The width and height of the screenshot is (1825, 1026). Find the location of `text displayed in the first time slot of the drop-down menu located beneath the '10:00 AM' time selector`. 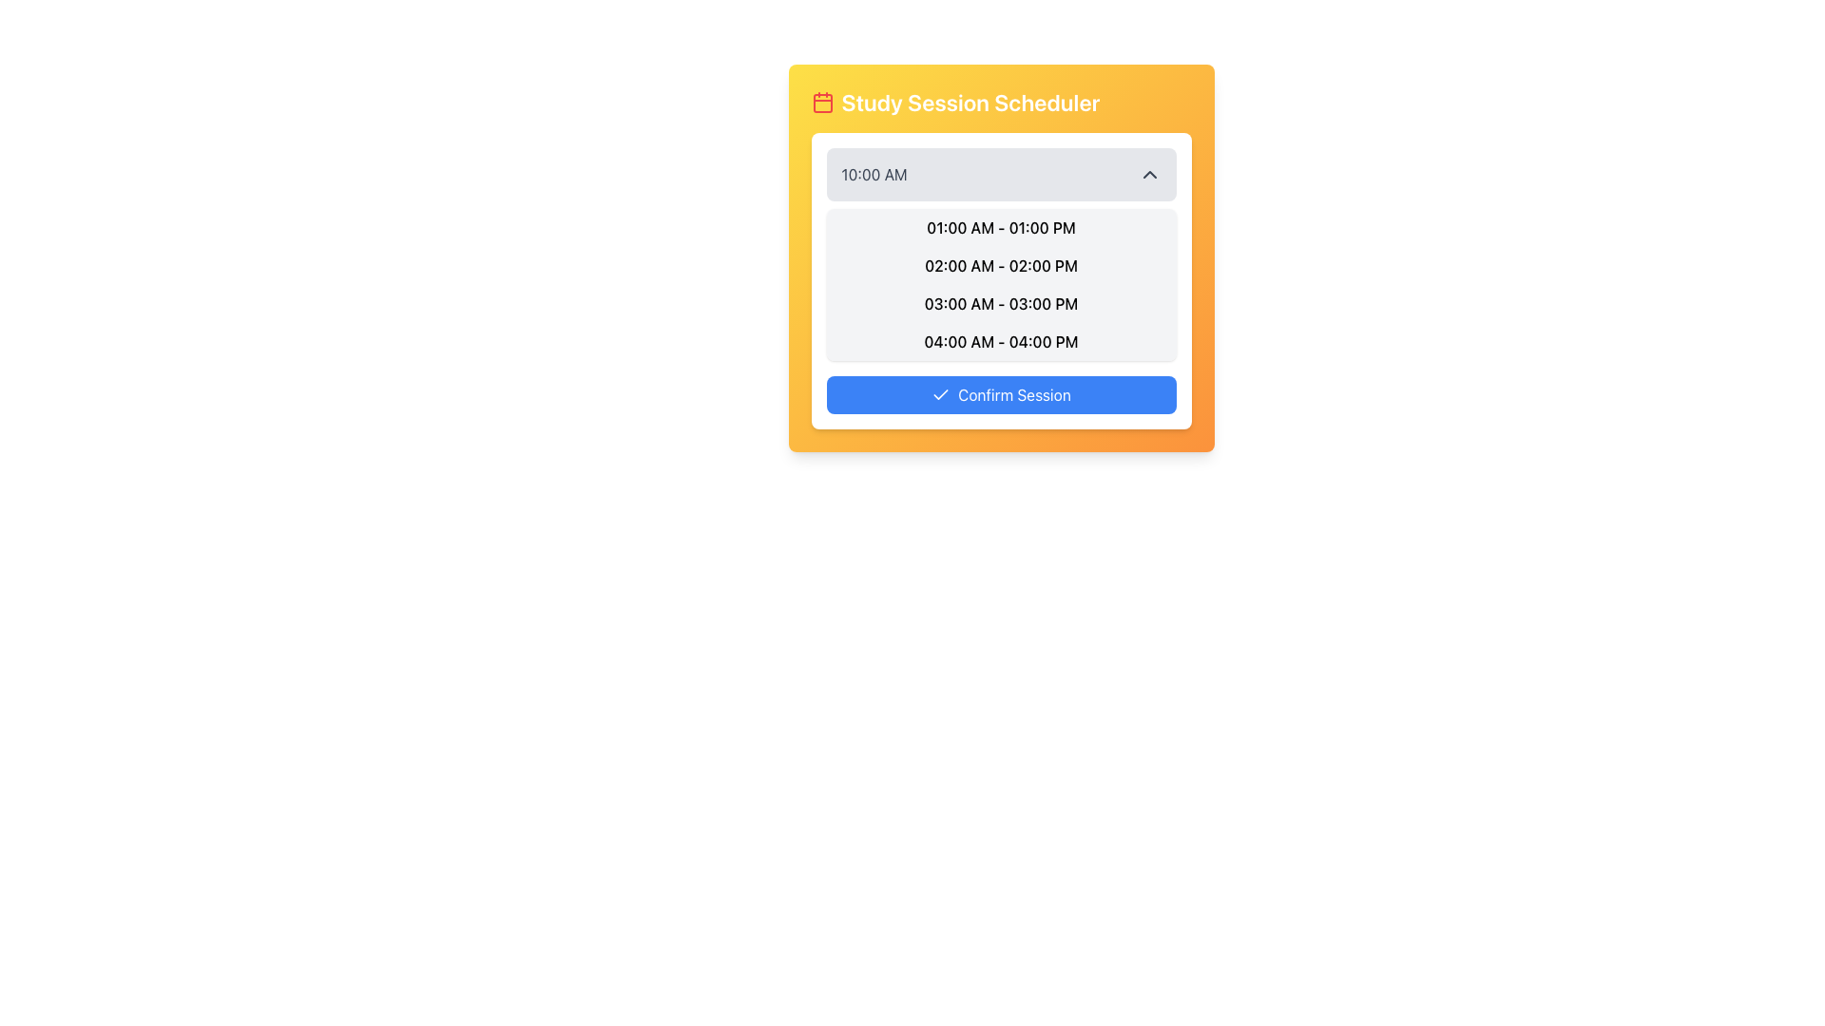

text displayed in the first time slot of the drop-down menu located beneath the '10:00 AM' time selector is located at coordinates (1000, 226).